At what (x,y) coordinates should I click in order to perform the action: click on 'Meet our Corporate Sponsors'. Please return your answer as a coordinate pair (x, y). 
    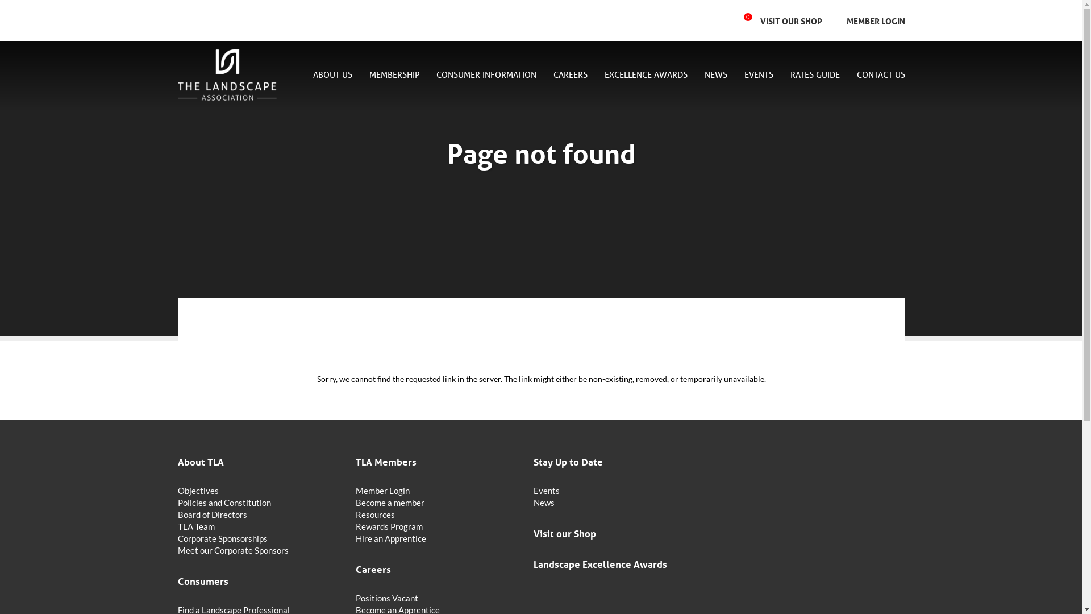
    Looking at the image, I should click on (177, 550).